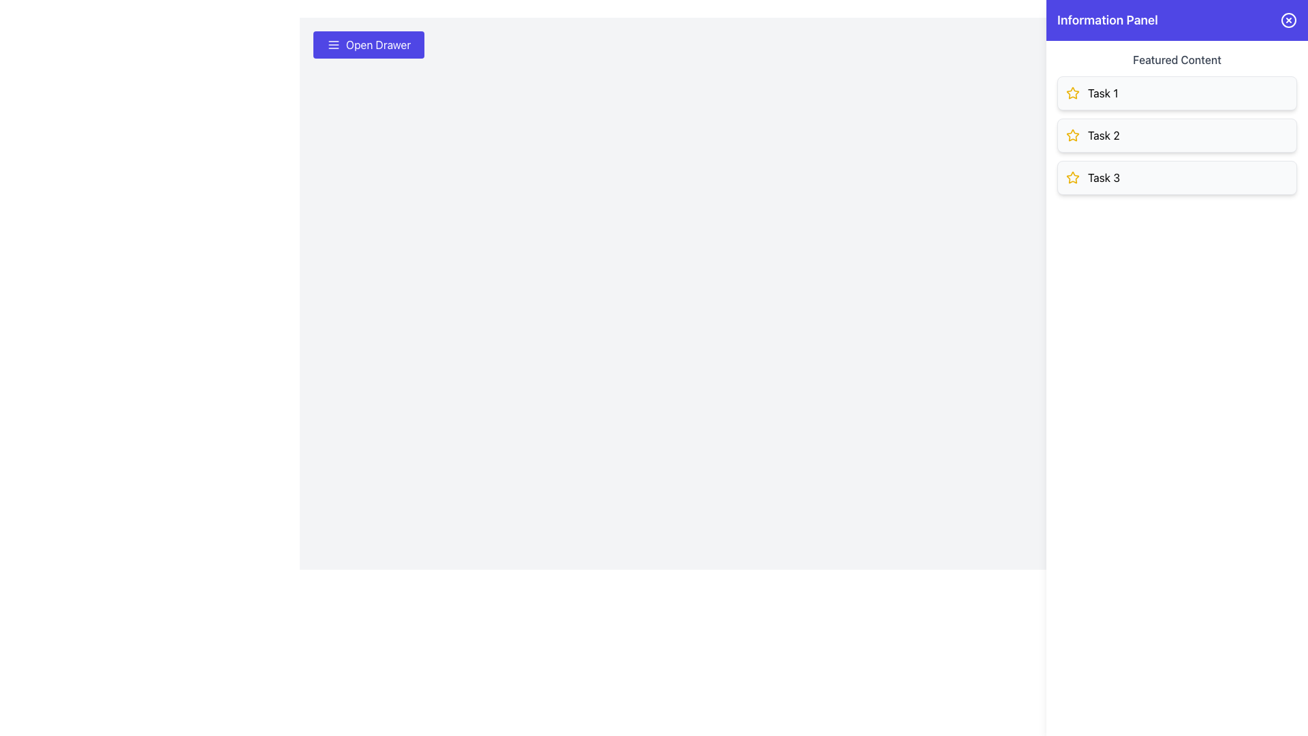 The height and width of the screenshot is (736, 1308). What do you see at coordinates (369, 44) in the screenshot?
I see `the toggle button located near the top-left corner of the interface` at bounding box center [369, 44].